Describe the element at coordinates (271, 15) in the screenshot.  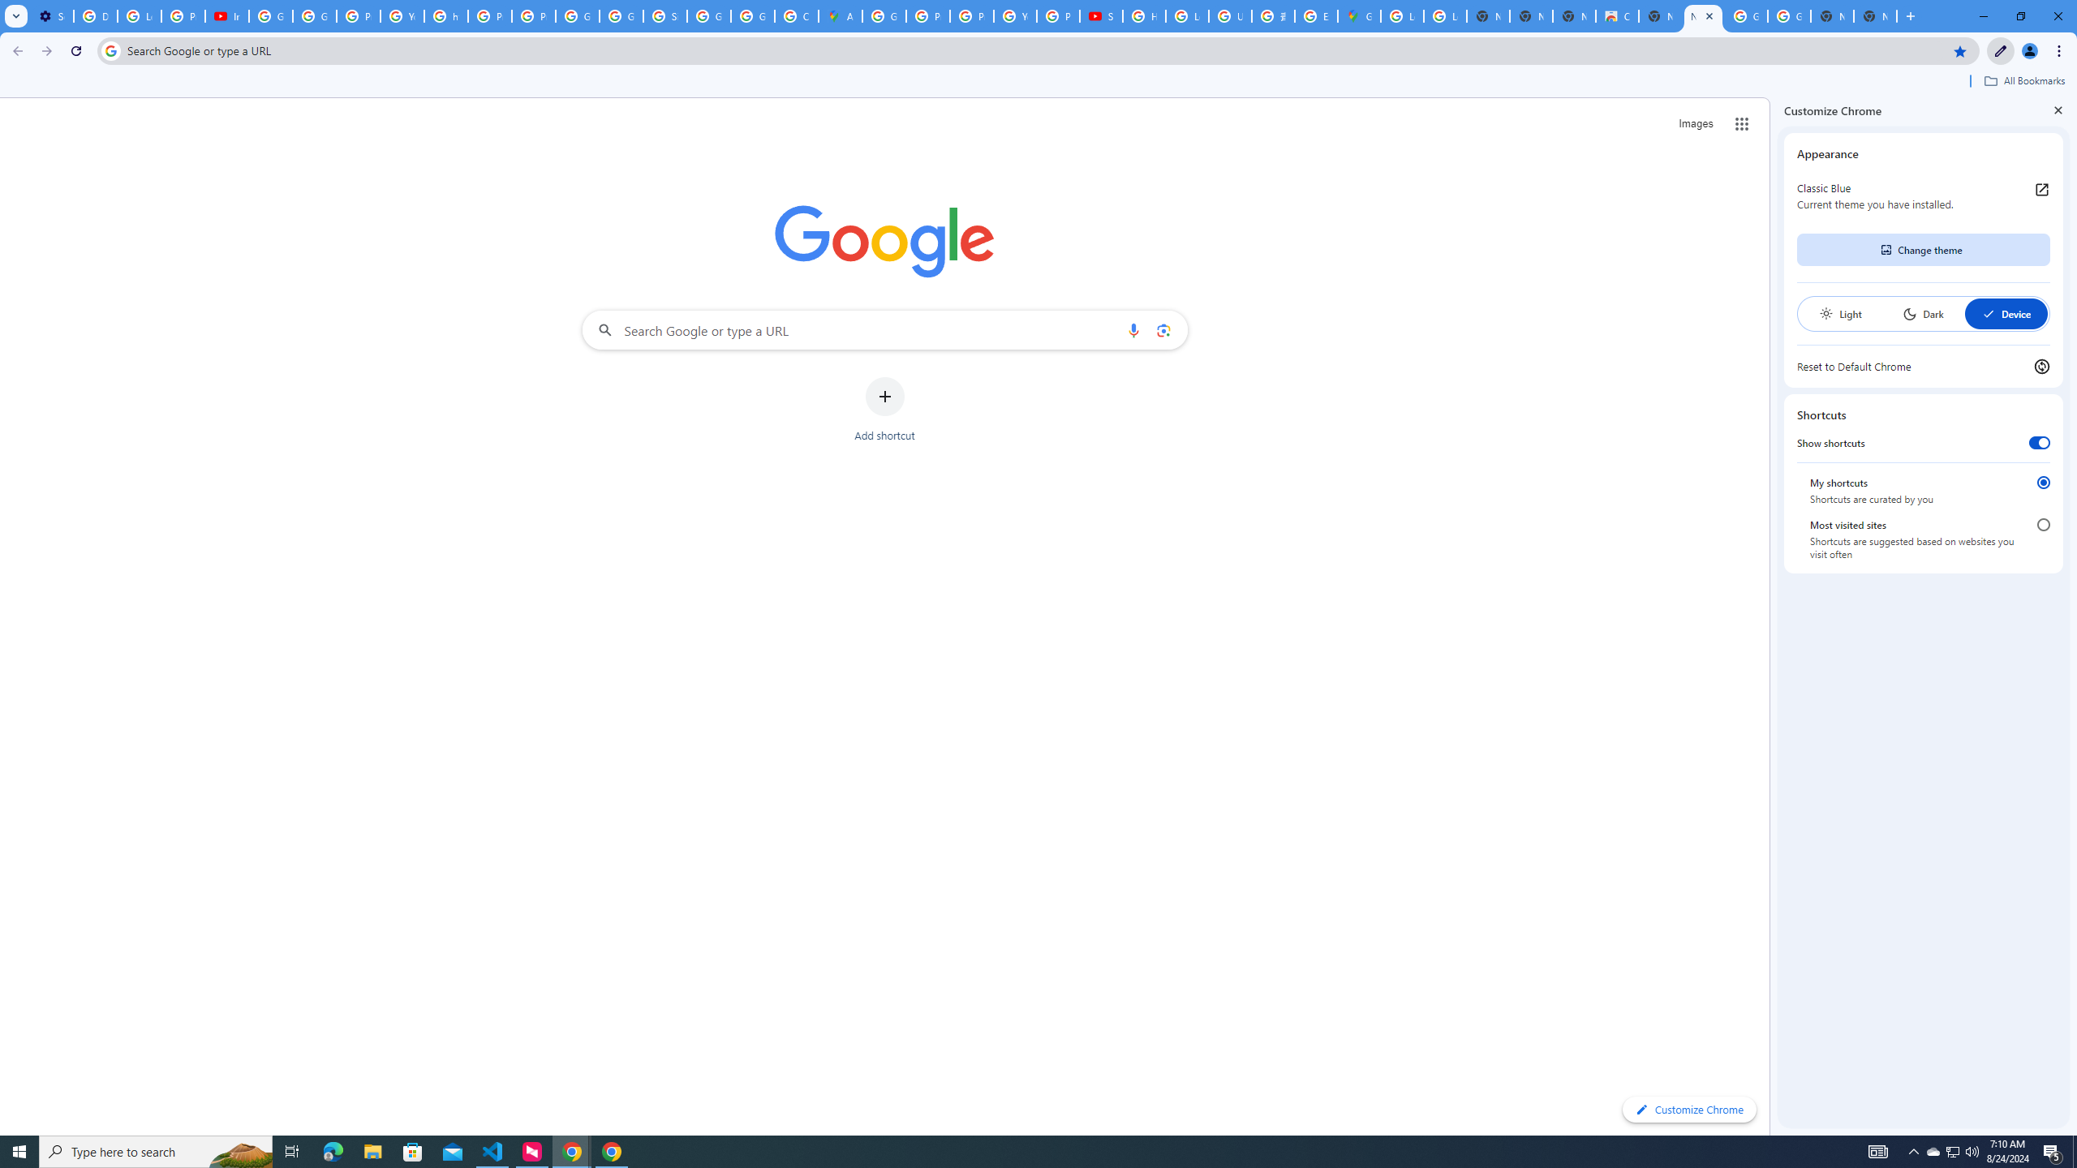
I see `'Google Account Help'` at that location.